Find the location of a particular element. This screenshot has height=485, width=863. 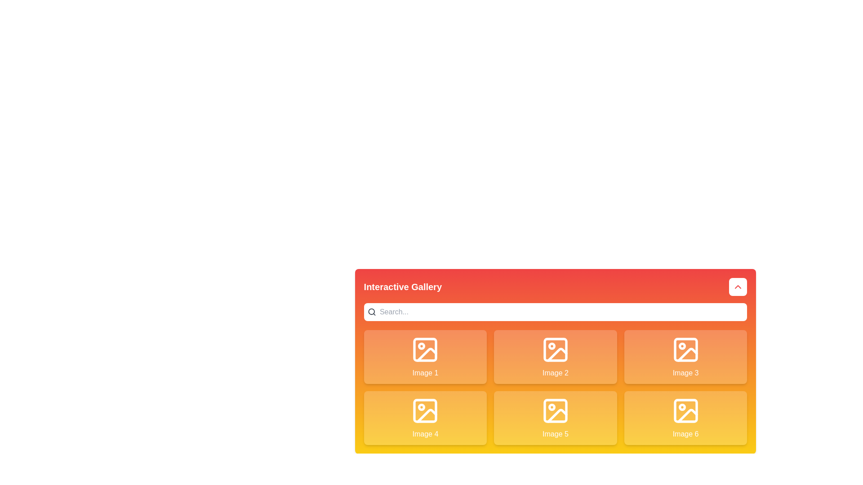

the Text label indicating 'Image 1' located within the top-left card of the grid, beneath the application title 'Interactive Gallery' and the search bar is located at coordinates (425, 373).